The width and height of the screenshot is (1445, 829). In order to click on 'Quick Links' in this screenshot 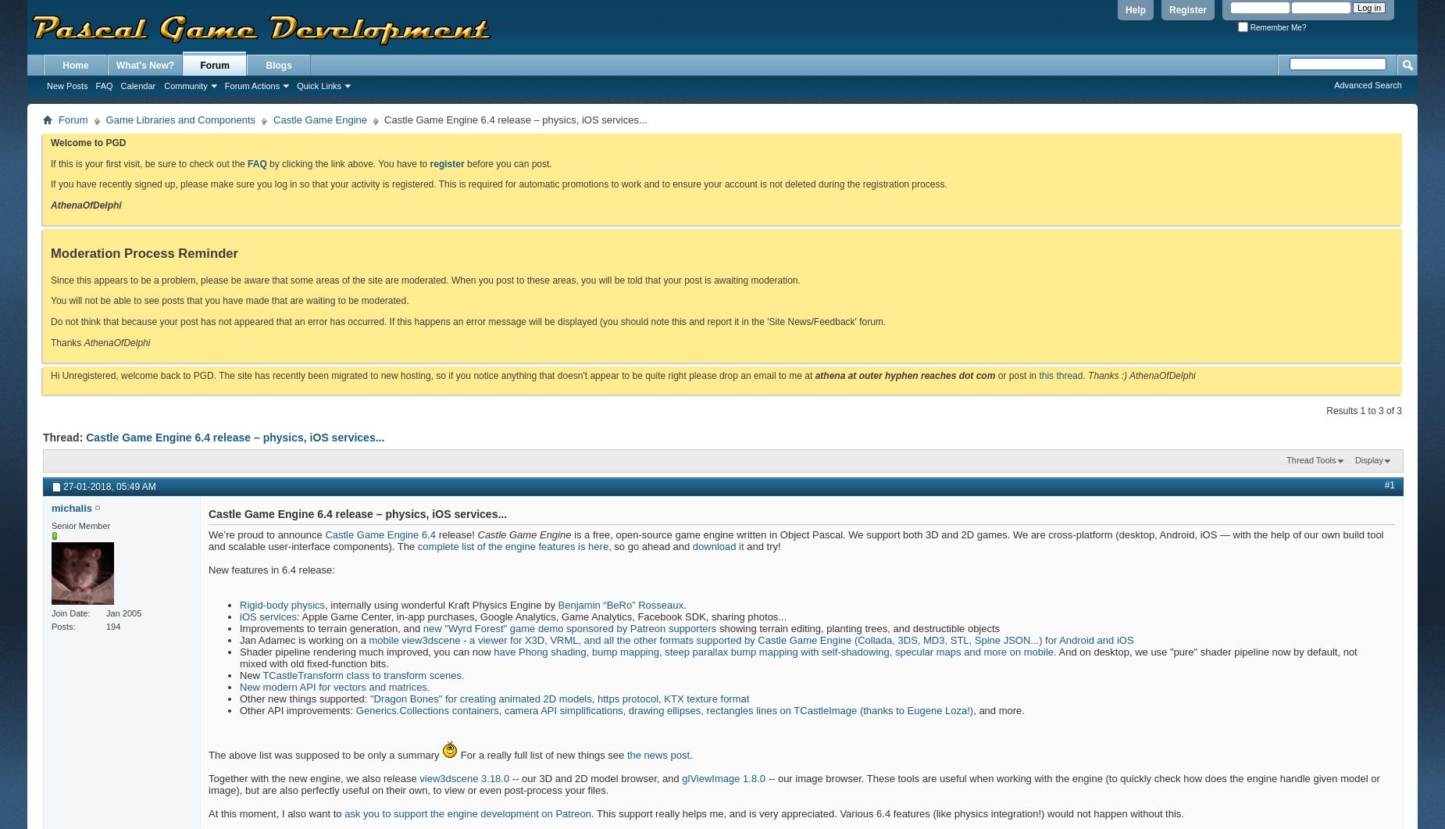, I will do `click(318, 86)`.